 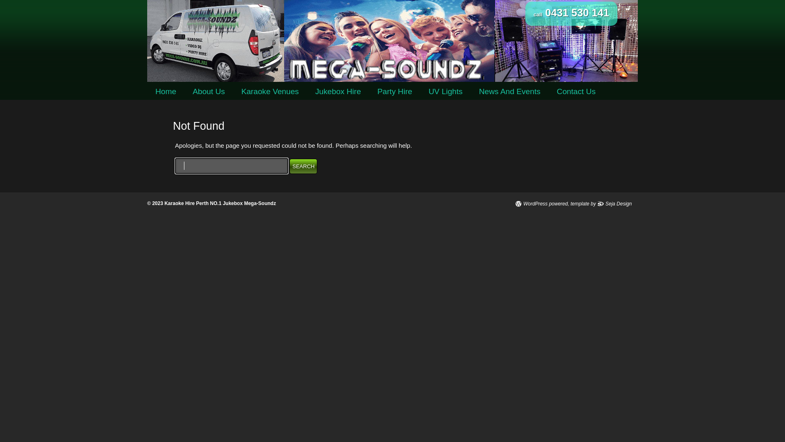 I want to click on 'Home', so click(x=165, y=91).